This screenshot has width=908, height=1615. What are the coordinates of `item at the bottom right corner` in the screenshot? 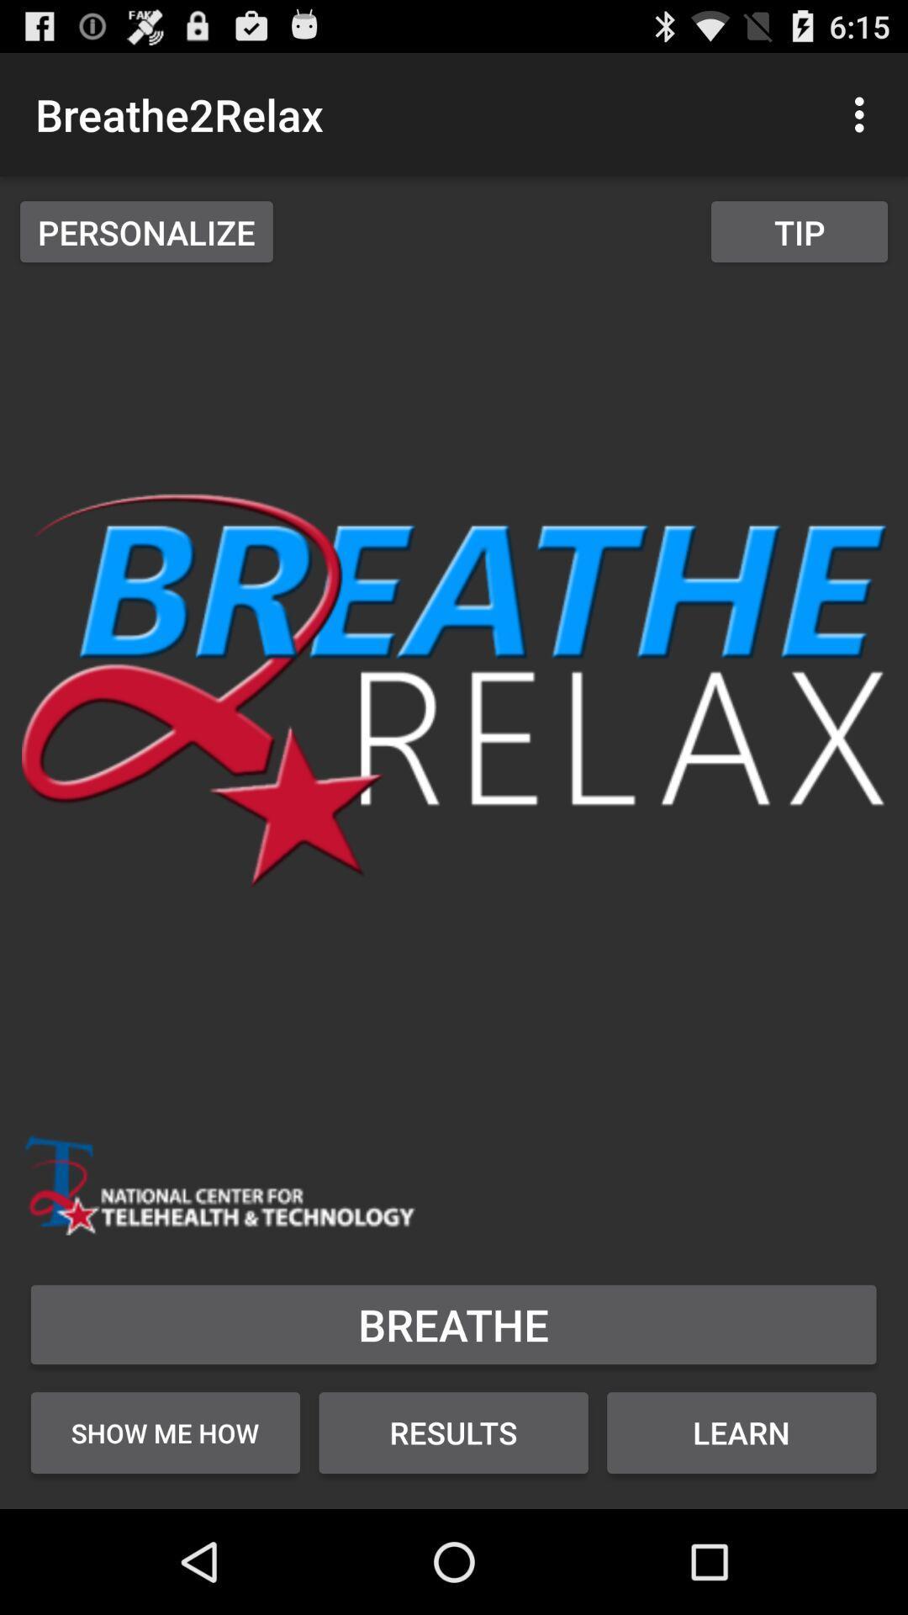 It's located at (741, 1432).